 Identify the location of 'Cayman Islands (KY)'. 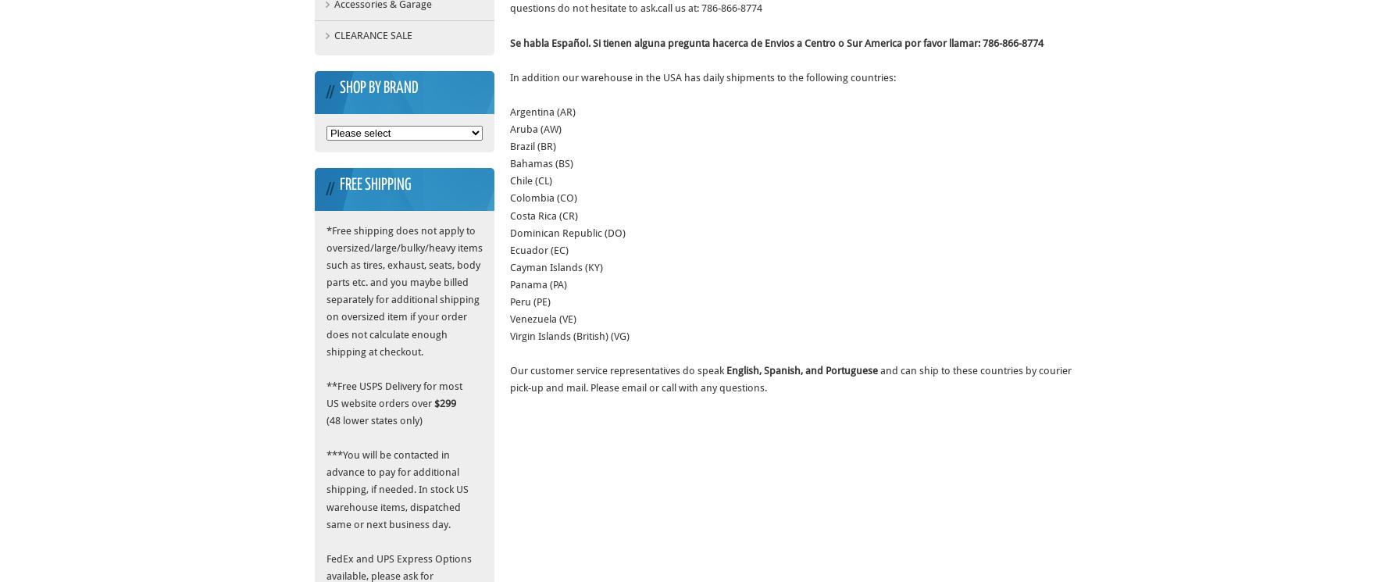
(556, 266).